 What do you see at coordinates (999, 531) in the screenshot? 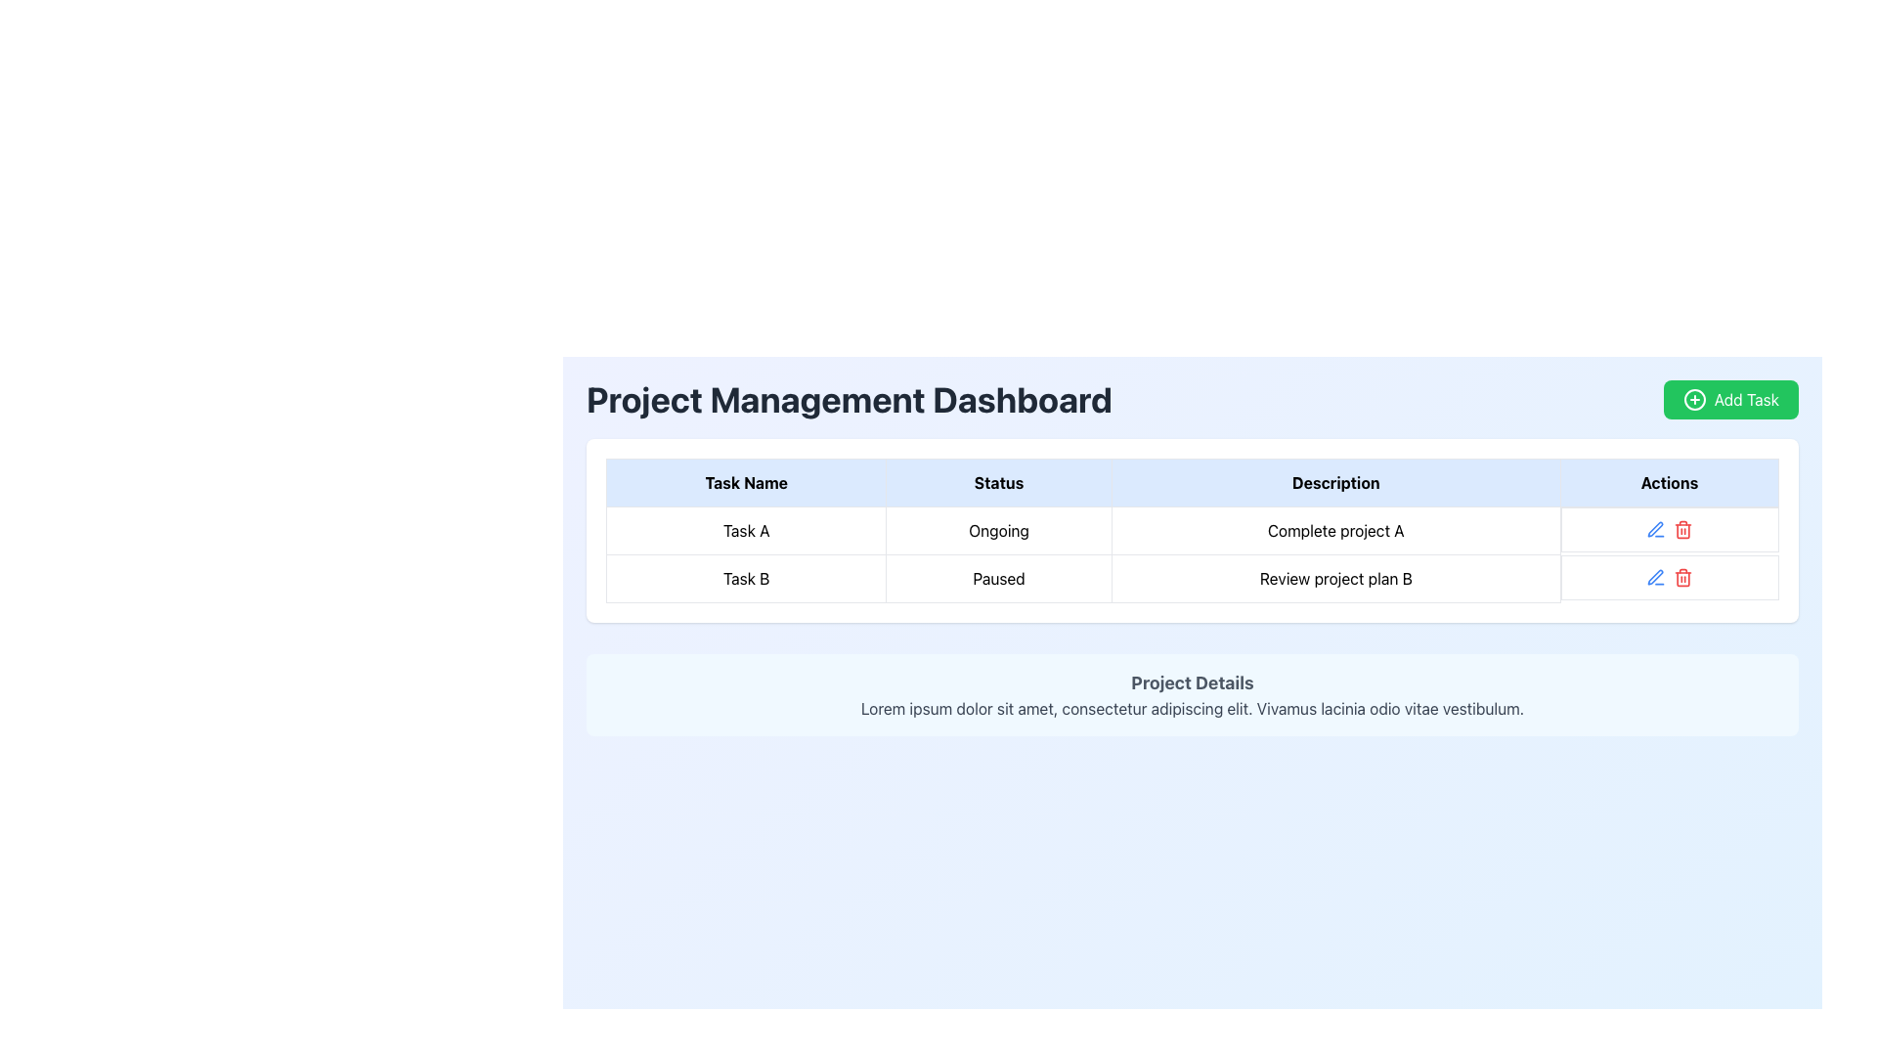
I see `the status indicator text label for 'Task A'` at bounding box center [999, 531].